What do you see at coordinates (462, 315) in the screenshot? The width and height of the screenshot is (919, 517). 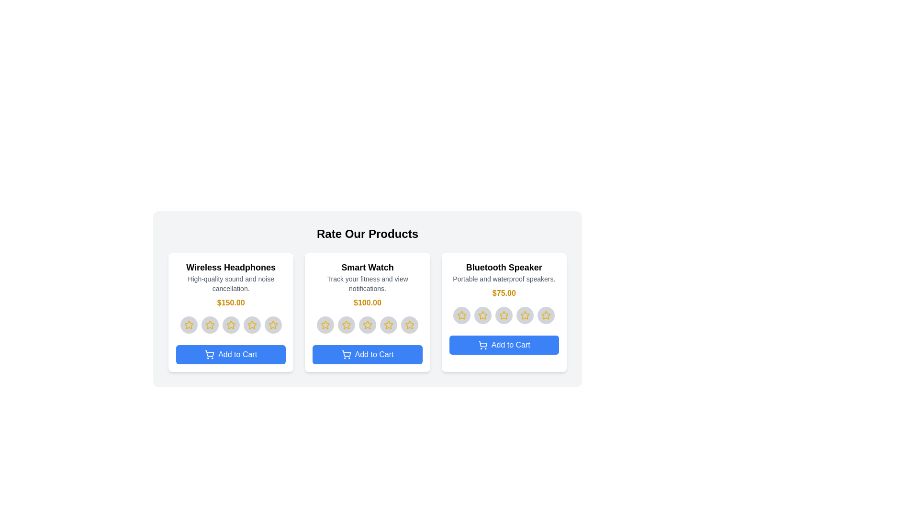 I see `the star corresponding to 1 for the product 'Bluetooth Speaker'` at bounding box center [462, 315].